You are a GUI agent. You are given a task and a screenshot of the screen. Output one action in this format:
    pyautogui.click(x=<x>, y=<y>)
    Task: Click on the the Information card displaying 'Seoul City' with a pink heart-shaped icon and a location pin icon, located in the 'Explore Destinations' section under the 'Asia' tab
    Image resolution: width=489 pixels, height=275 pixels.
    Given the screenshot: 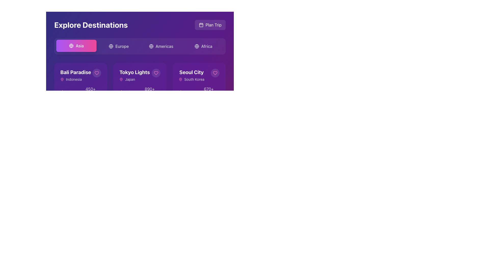 What is the action you would take?
    pyautogui.click(x=199, y=75)
    